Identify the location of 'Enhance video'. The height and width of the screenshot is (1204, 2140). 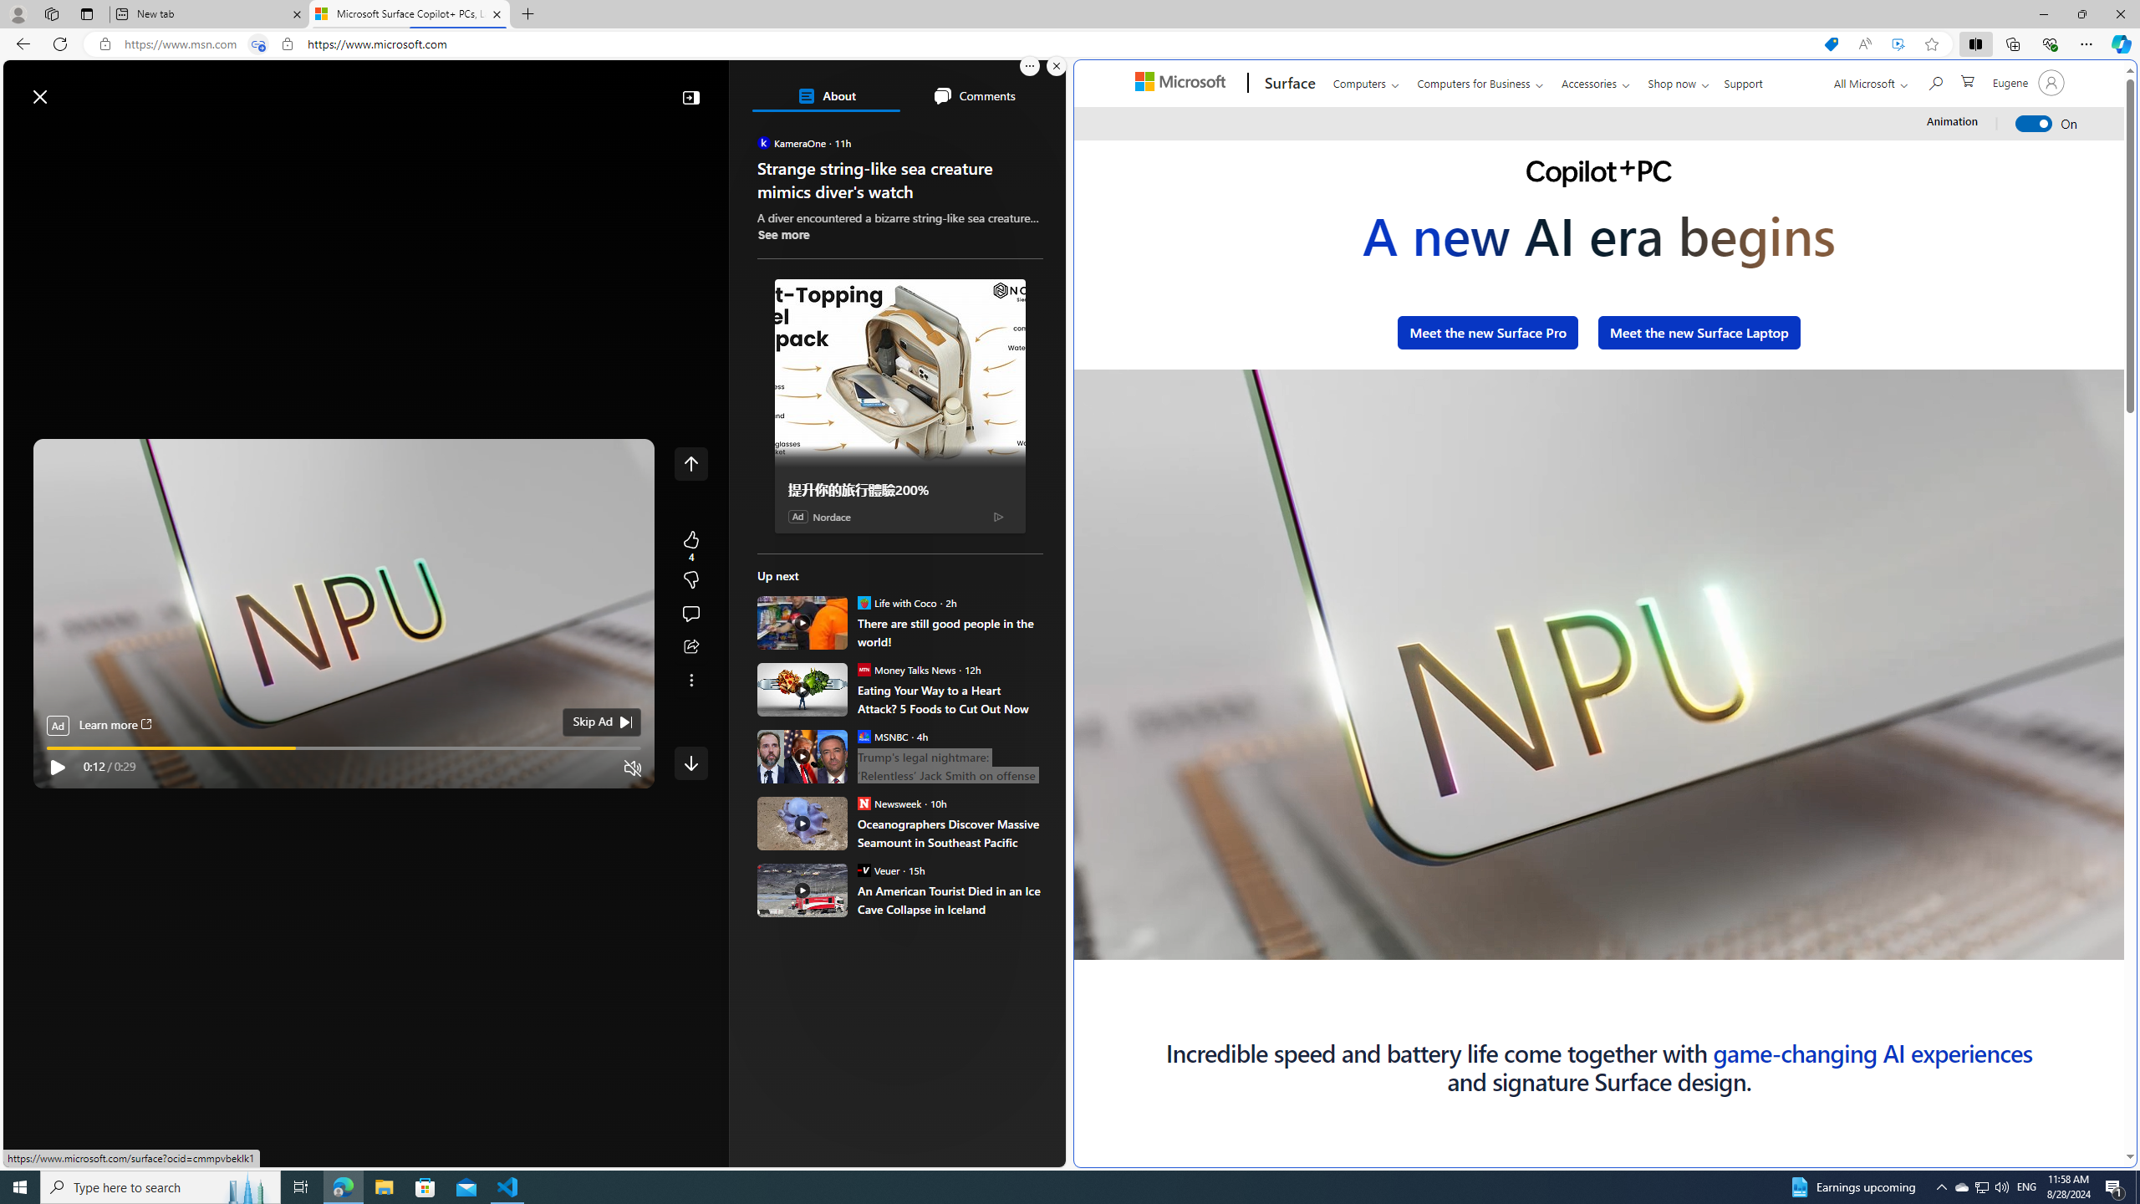
(1898, 44).